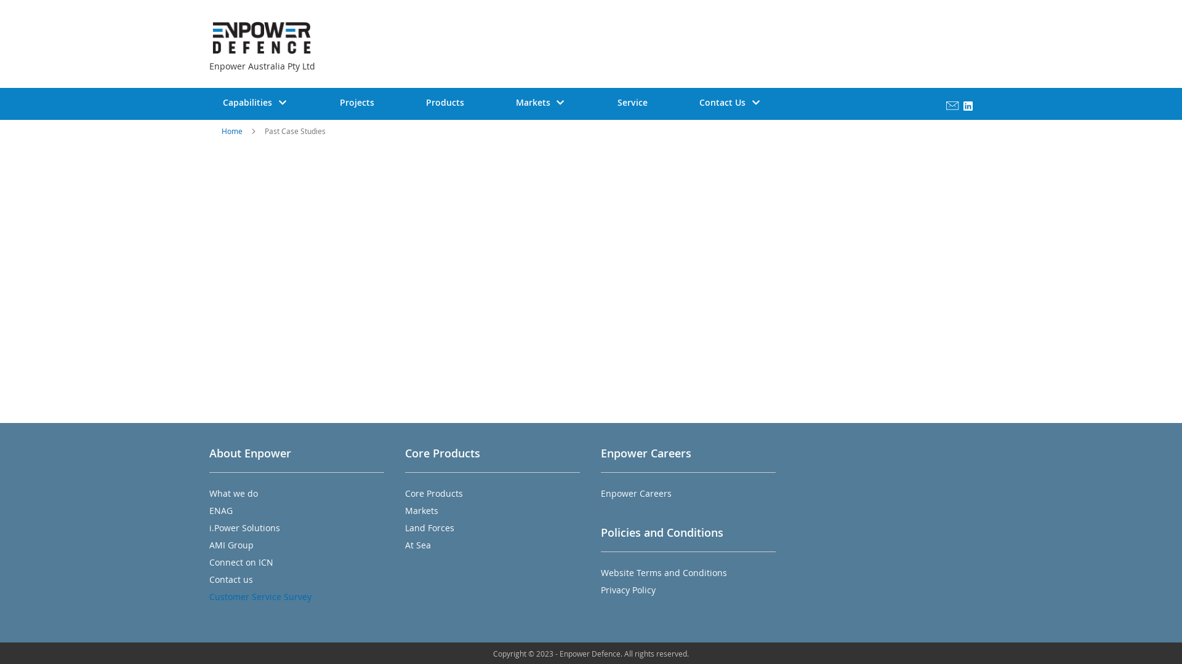 This screenshot has width=1182, height=664. I want to click on 'Home', so click(232, 130).